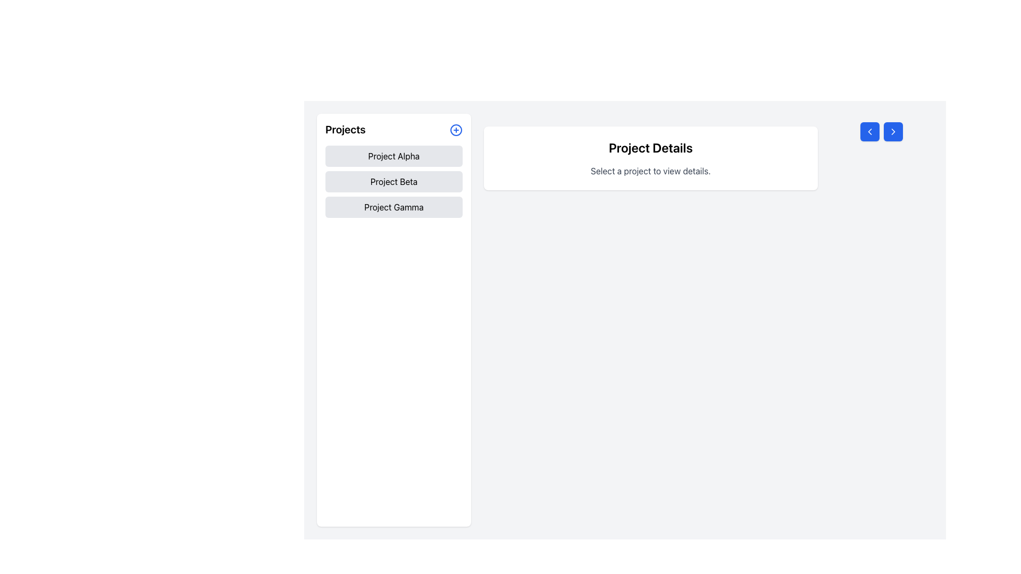  What do you see at coordinates (893, 131) in the screenshot?
I see `the triangular-shaped right arrow SVG navigational icon located in the top-right corner of the interface` at bounding box center [893, 131].